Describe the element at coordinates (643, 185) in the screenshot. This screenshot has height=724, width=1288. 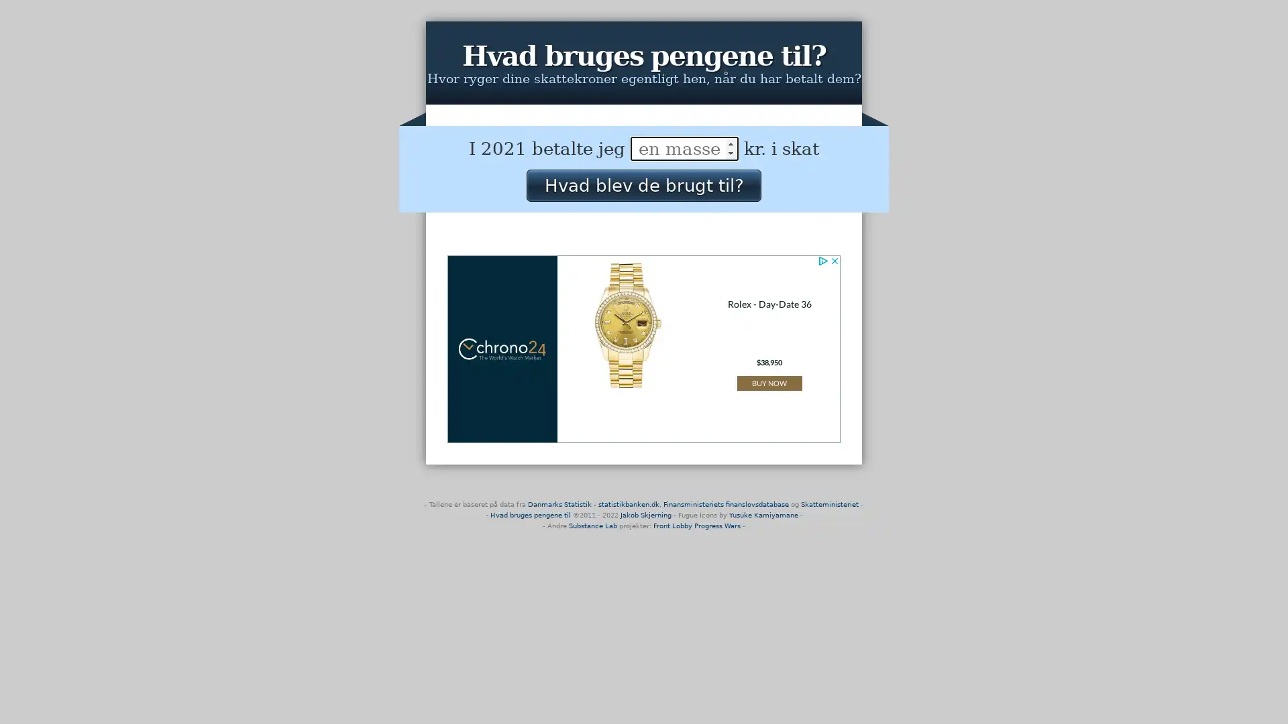
I see `Hvad blev de brugt til?` at that location.